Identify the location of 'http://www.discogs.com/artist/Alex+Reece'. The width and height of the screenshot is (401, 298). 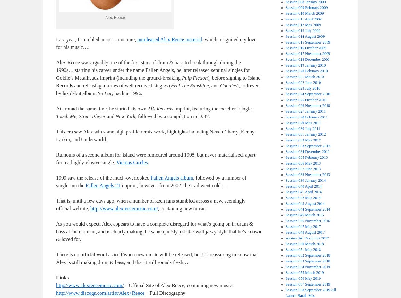
(56, 293).